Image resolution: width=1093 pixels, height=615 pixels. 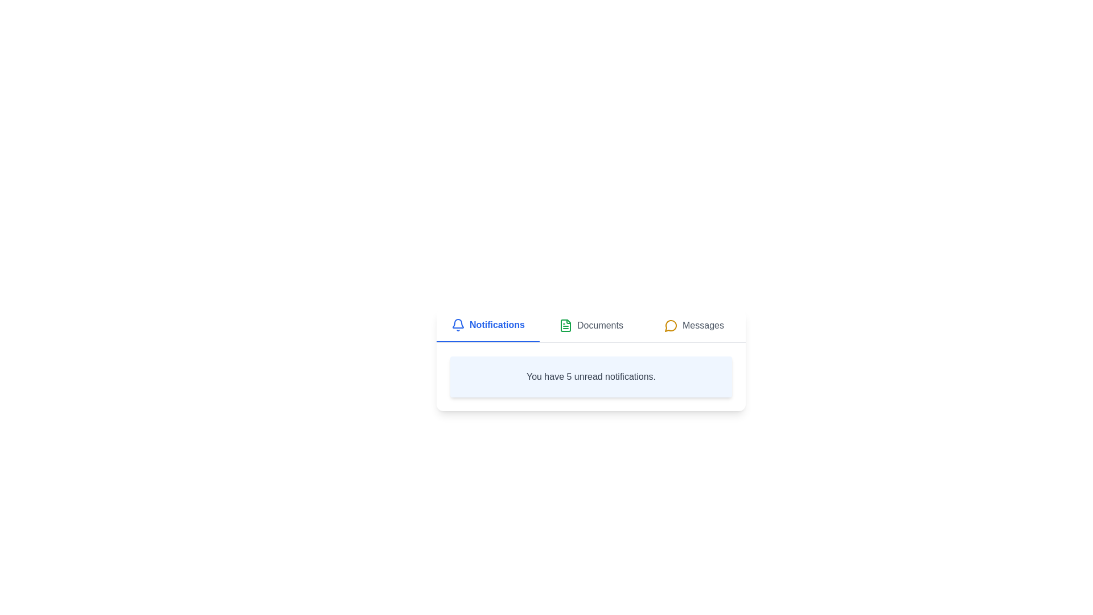 I want to click on the tab labeled Messages, so click(x=693, y=325).